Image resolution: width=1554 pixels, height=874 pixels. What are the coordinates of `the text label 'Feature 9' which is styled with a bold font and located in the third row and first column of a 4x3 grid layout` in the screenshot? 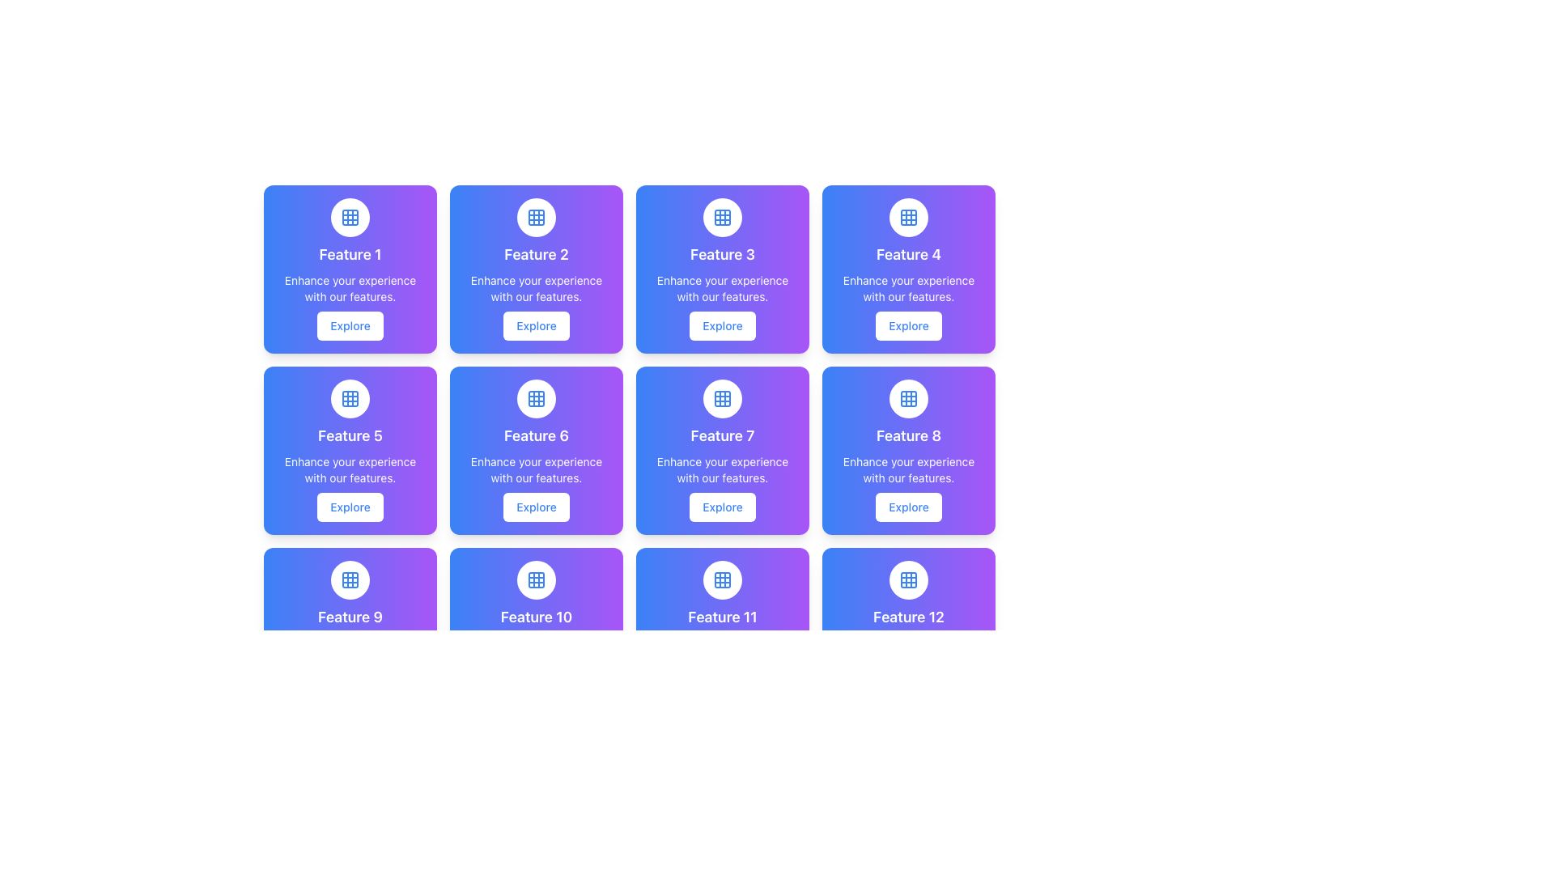 It's located at (349, 617).